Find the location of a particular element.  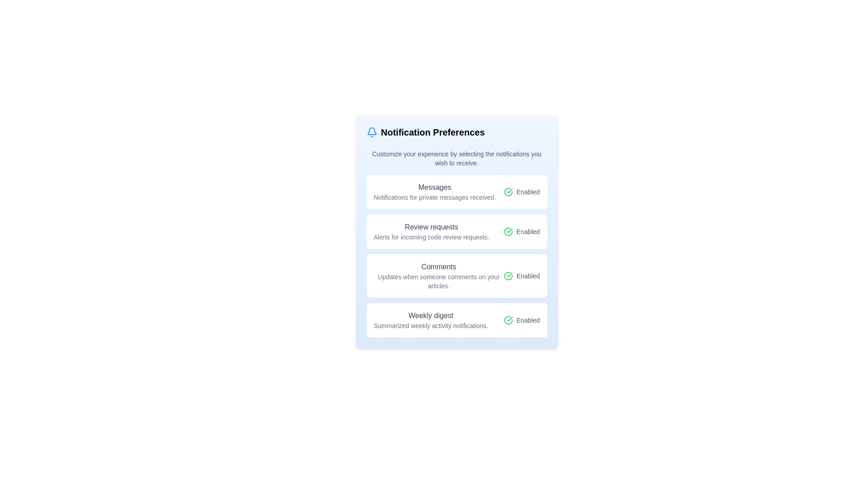

the grouped list of notification settings under 'Notification Preferences' is located at coordinates (457, 256).